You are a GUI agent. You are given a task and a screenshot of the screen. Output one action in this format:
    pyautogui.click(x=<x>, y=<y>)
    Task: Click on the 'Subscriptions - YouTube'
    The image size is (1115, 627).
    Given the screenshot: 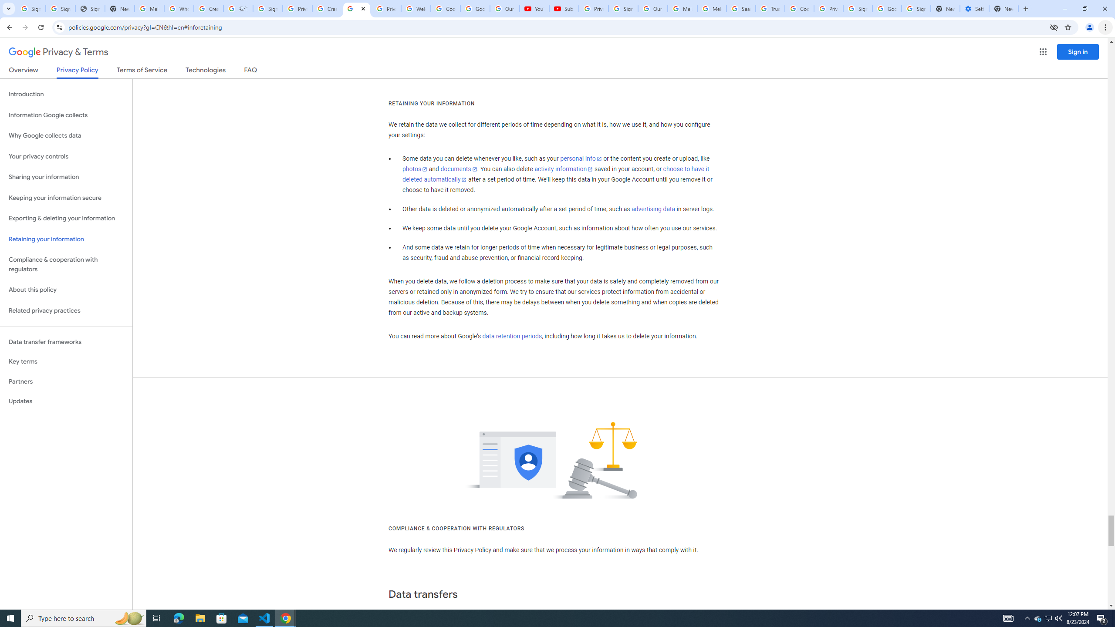 What is the action you would take?
    pyautogui.click(x=564, y=8)
    